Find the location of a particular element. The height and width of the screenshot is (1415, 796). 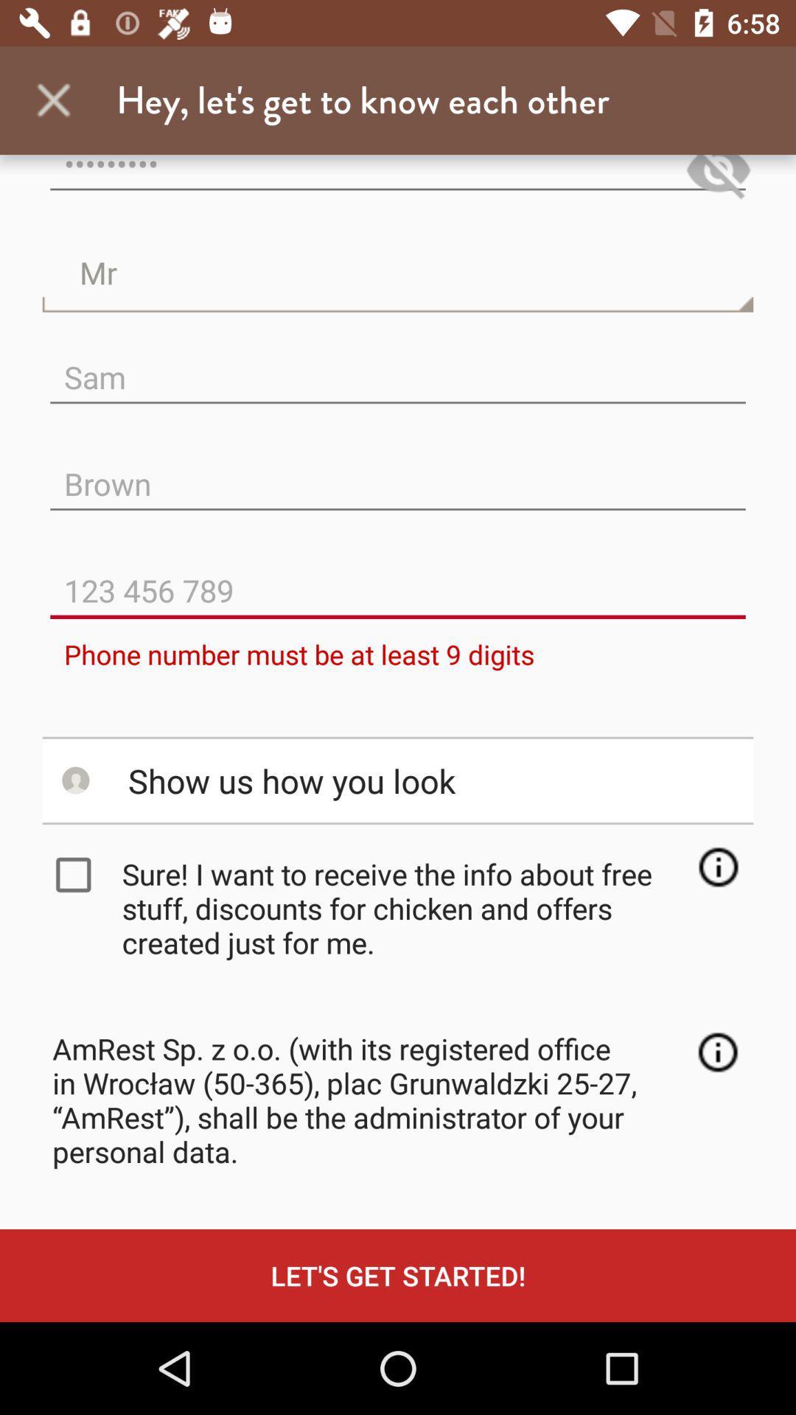

hide writing is located at coordinates (718, 179).